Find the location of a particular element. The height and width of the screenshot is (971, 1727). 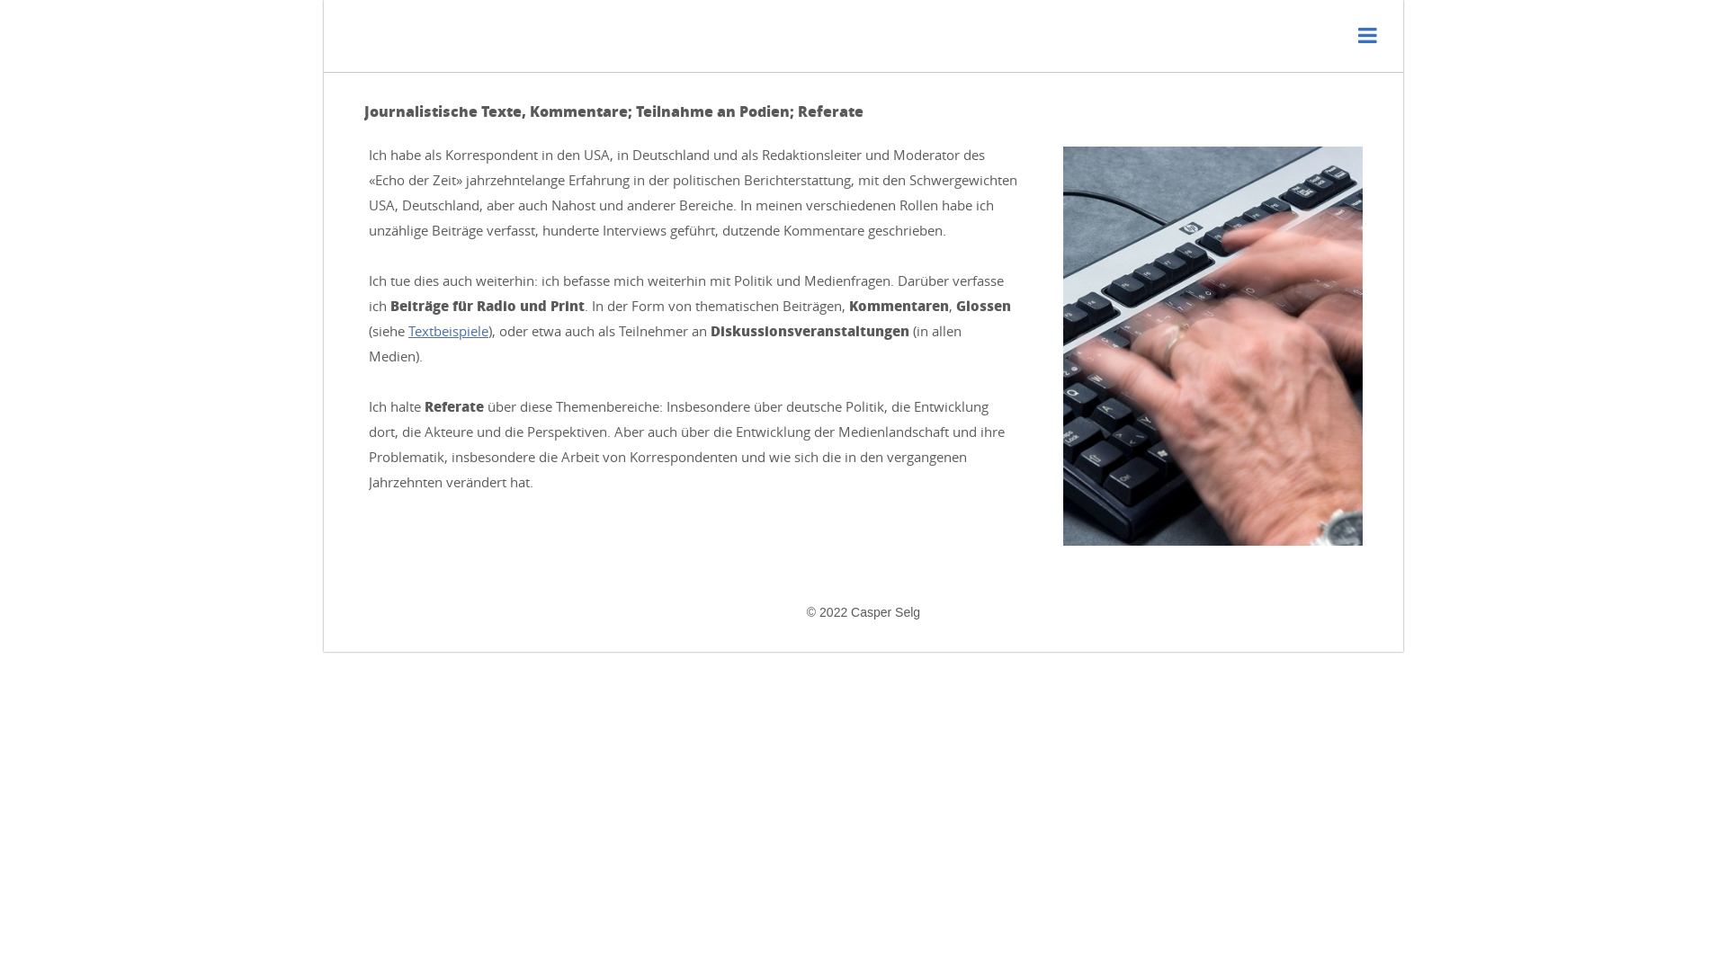

'Textbeispiele' is located at coordinates (407, 330).